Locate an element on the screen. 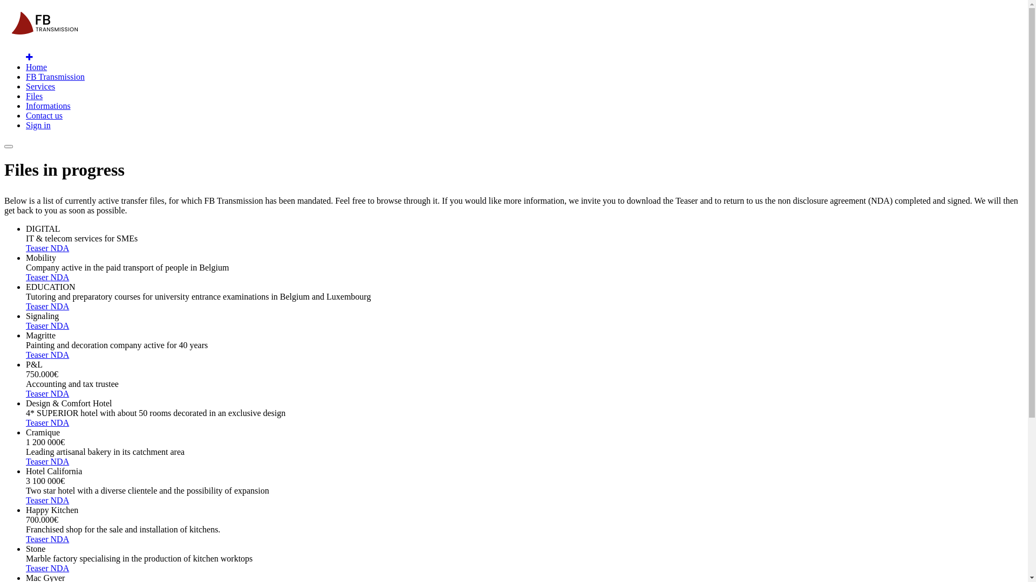 Image resolution: width=1036 pixels, height=582 pixels. 'NDA' is located at coordinates (50, 325).